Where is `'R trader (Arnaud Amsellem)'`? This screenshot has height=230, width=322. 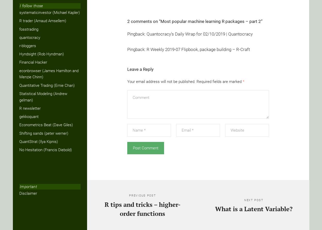 'R trader (Arnaud Amsellem)' is located at coordinates (43, 21).